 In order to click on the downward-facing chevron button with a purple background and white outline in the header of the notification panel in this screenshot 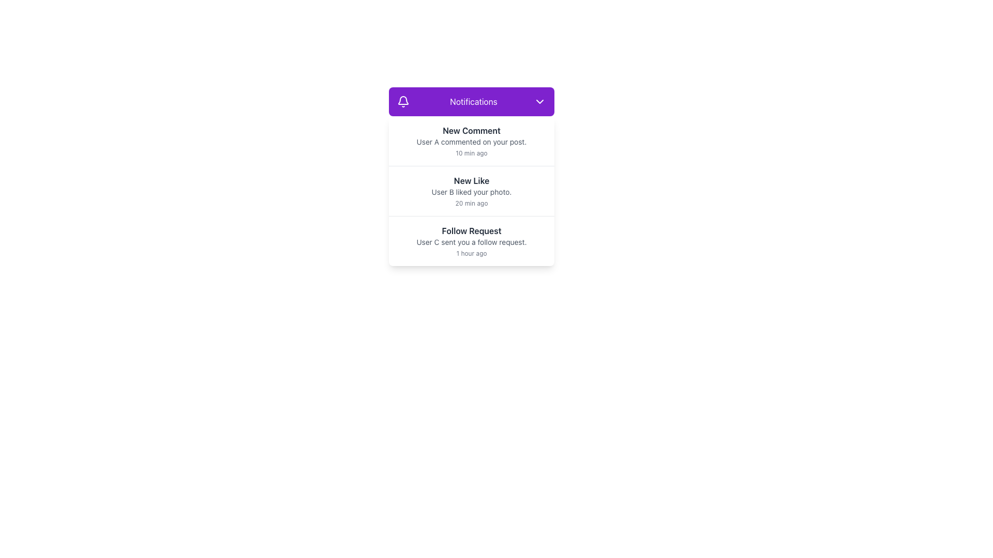, I will do `click(539, 101)`.